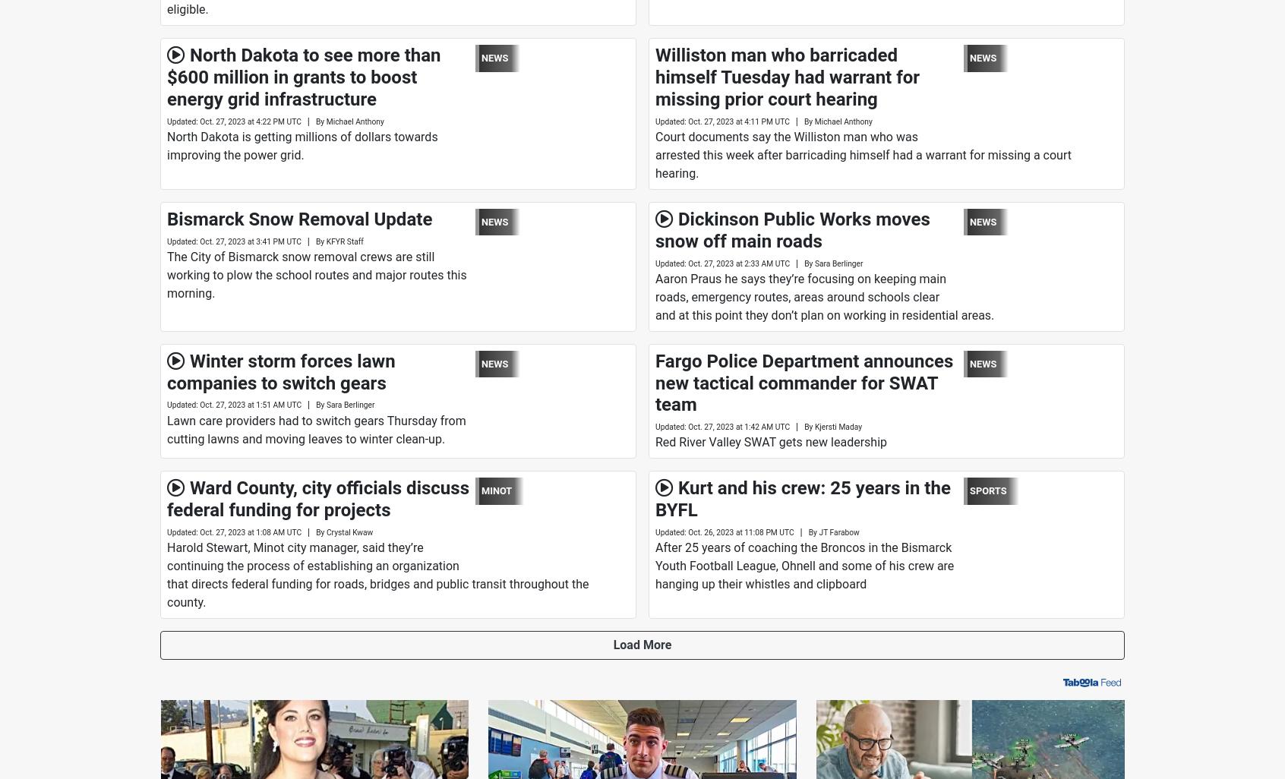 This screenshot has width=1285, height=779. Describe the element at coordinates (787, 76) in the screenshot. I see `'Williston man who barricaded himself Tuesday had warrant for missing prior court hearing'` at that location.